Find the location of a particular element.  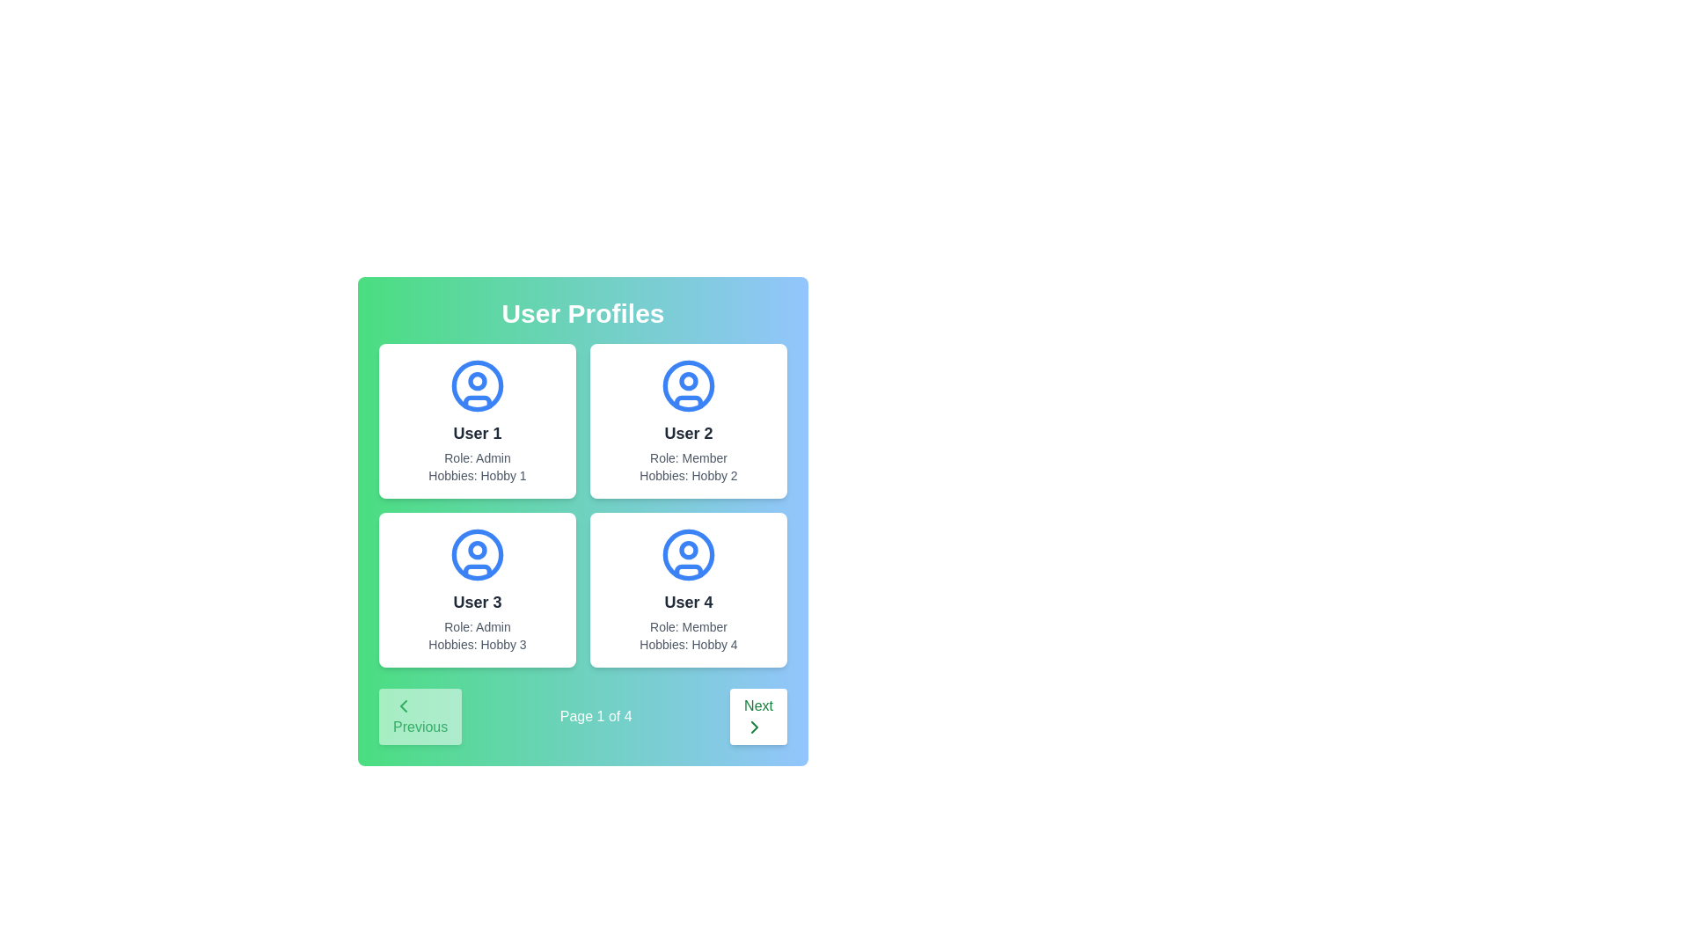

the small circular decorative element within the user profile icon located in the top-left card of the grid is located at coordinates (477, 548).